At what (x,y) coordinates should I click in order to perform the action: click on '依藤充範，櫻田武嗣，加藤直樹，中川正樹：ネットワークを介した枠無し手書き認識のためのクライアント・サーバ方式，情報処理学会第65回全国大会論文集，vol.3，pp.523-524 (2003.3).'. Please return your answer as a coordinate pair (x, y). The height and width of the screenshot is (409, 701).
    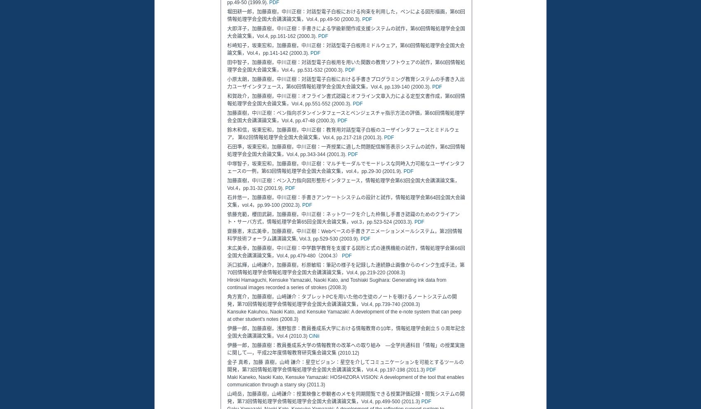
    Looking at the image, I should click on (343, 218).